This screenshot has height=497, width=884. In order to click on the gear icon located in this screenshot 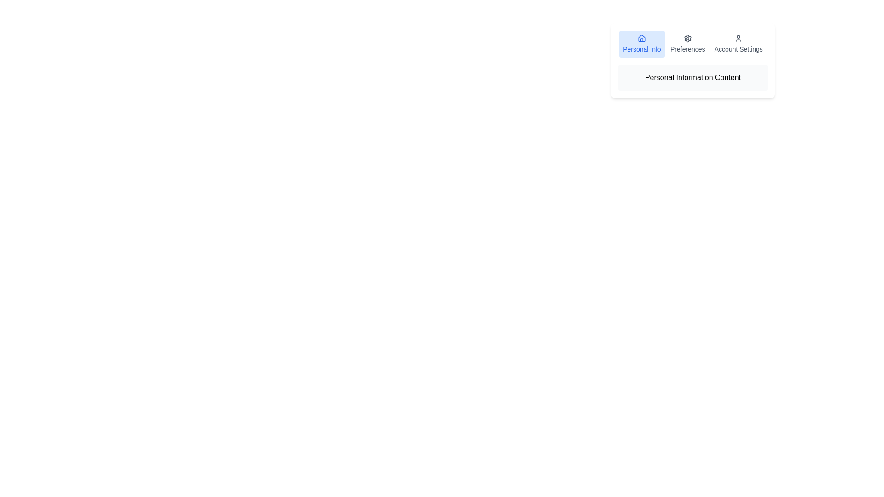, I will do `click(687, 38)`.